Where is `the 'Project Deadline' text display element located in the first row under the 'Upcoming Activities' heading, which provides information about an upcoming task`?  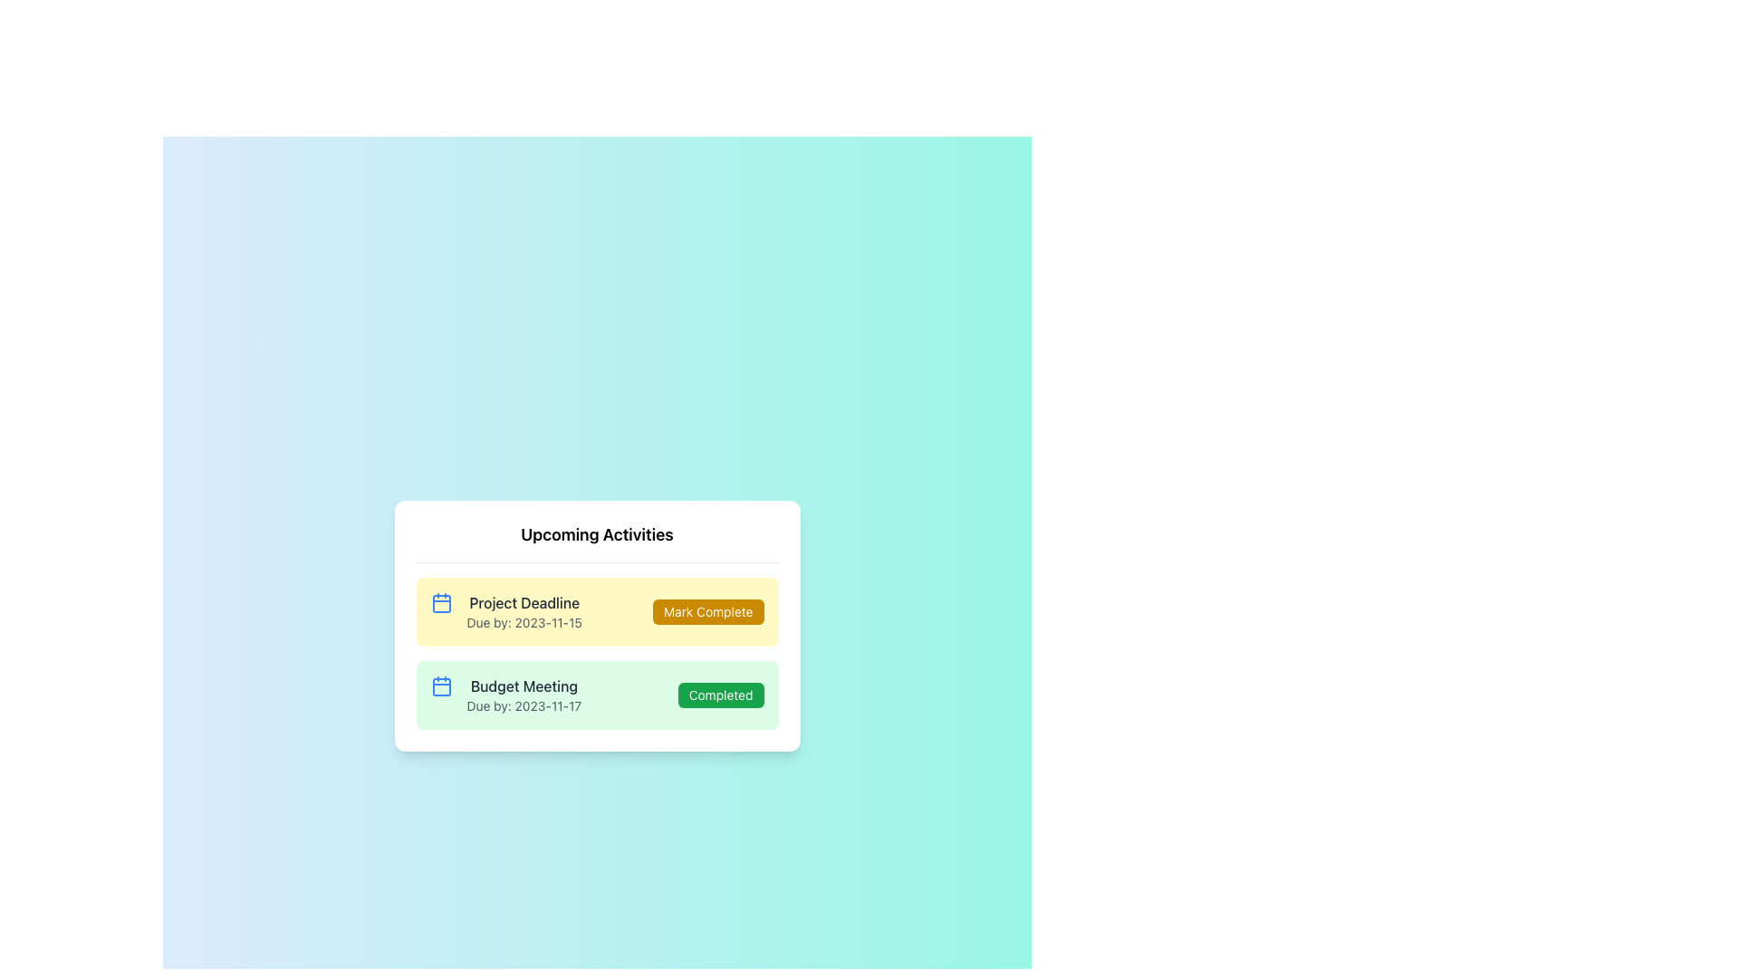
the 'Project Deadline' text display element located in the first row under the 'Upcoming Activities' heading, which provides information about an upcoming task is located at coordinates (524, 611).